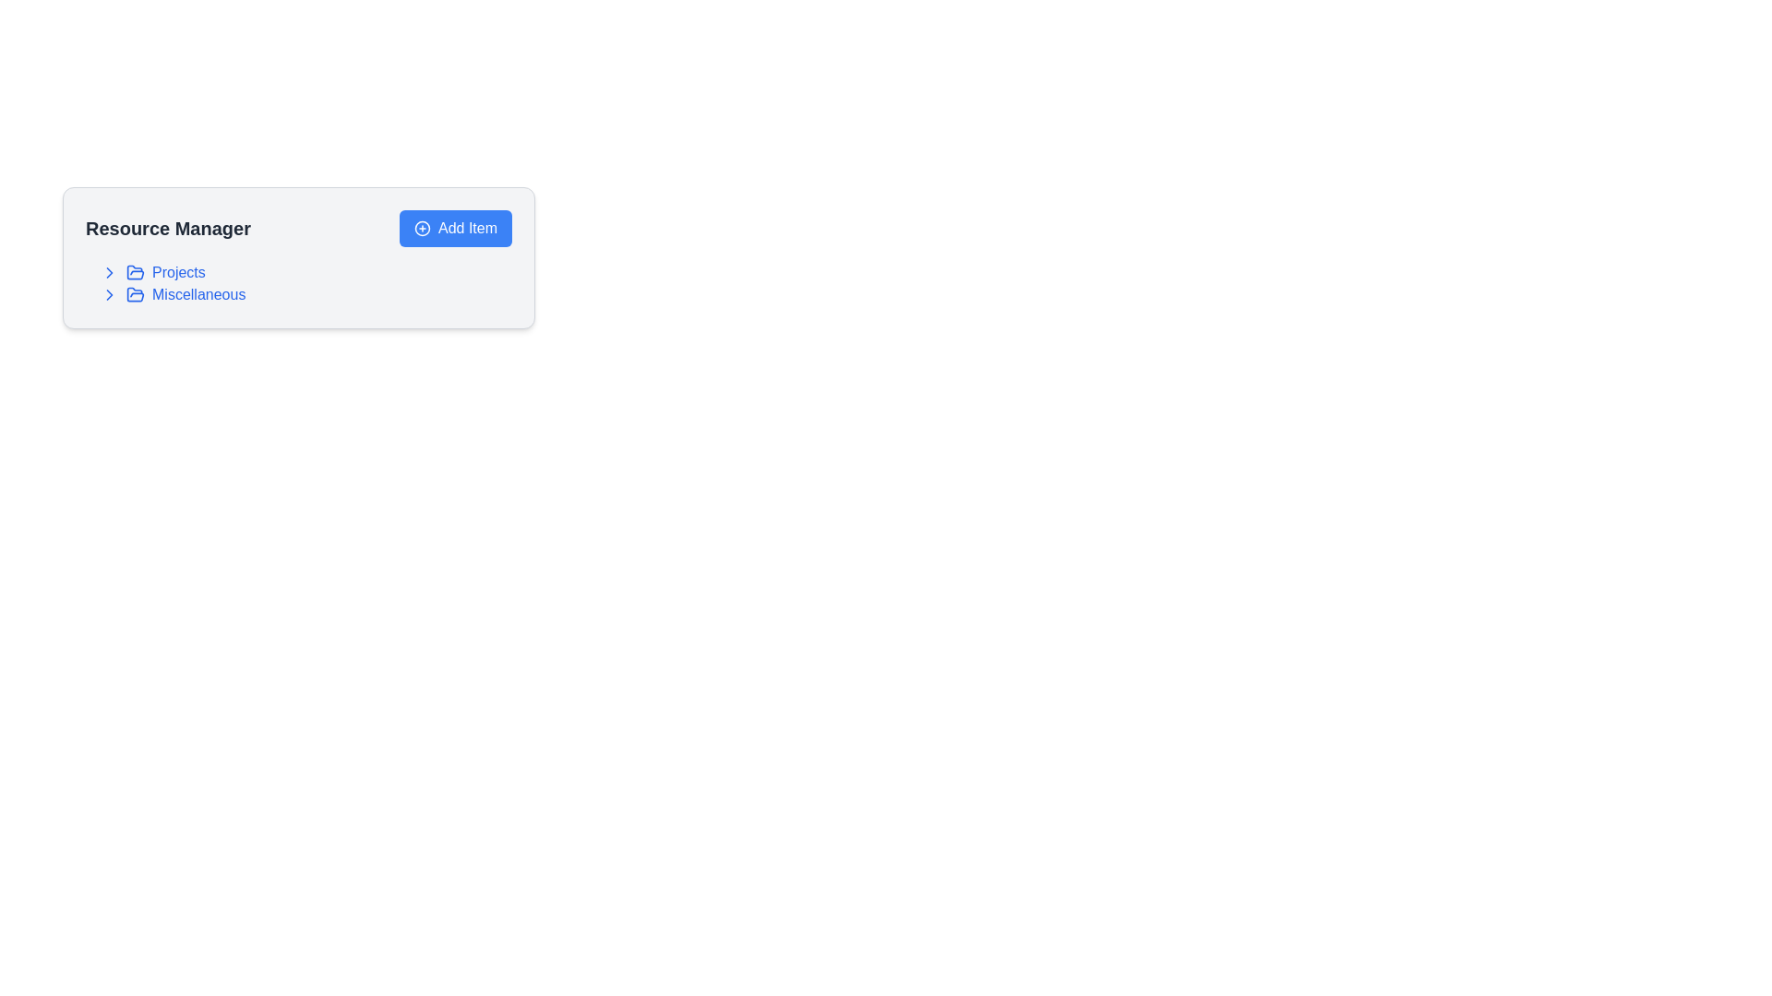  I want to click on SVG circle component that forms the outer ring of the plus-circle icon within the 'Add Item' button located at the top-right section of the 'Resource Manager' card using developer tools, so click(421, 227).